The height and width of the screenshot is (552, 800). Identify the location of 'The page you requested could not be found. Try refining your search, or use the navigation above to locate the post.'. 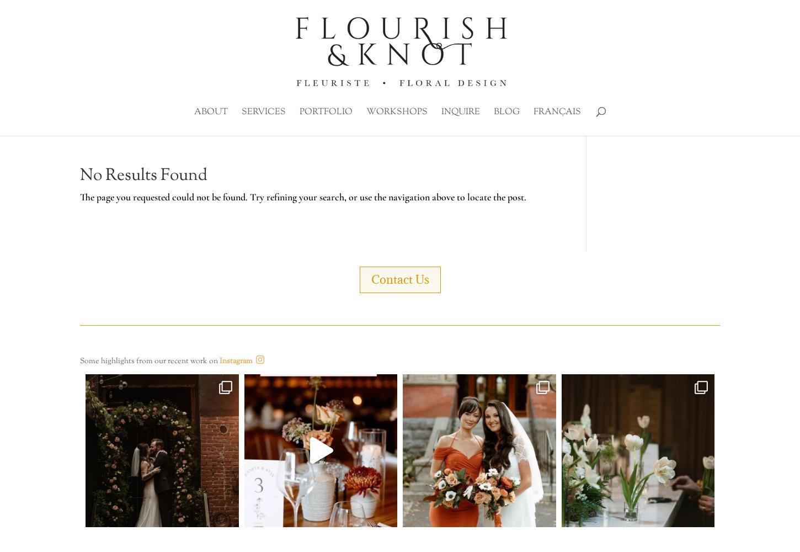
(303, 197).